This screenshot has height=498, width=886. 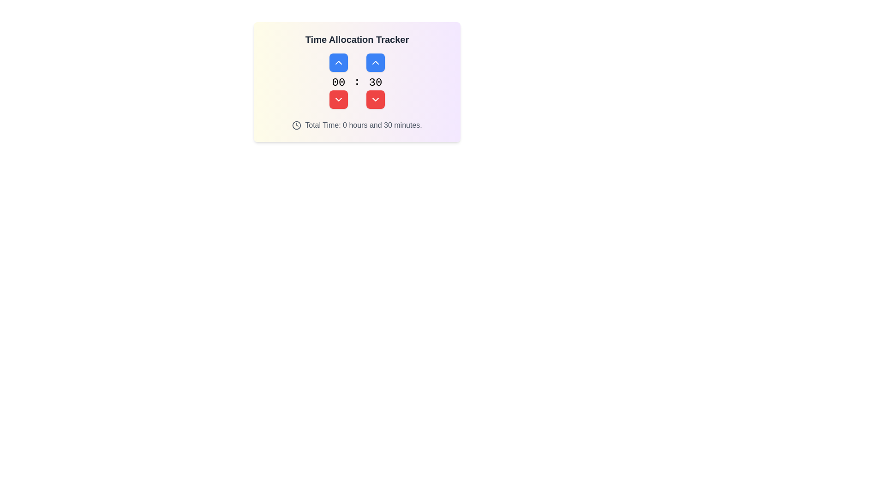 I want to click on the numeric value display element in the time allocation tracker interface, which is located vertically between the upward-pointing blue button and the downward-pointing red button, and horizontally to the left of the colon separator (':'), so click(x=338, y=83).